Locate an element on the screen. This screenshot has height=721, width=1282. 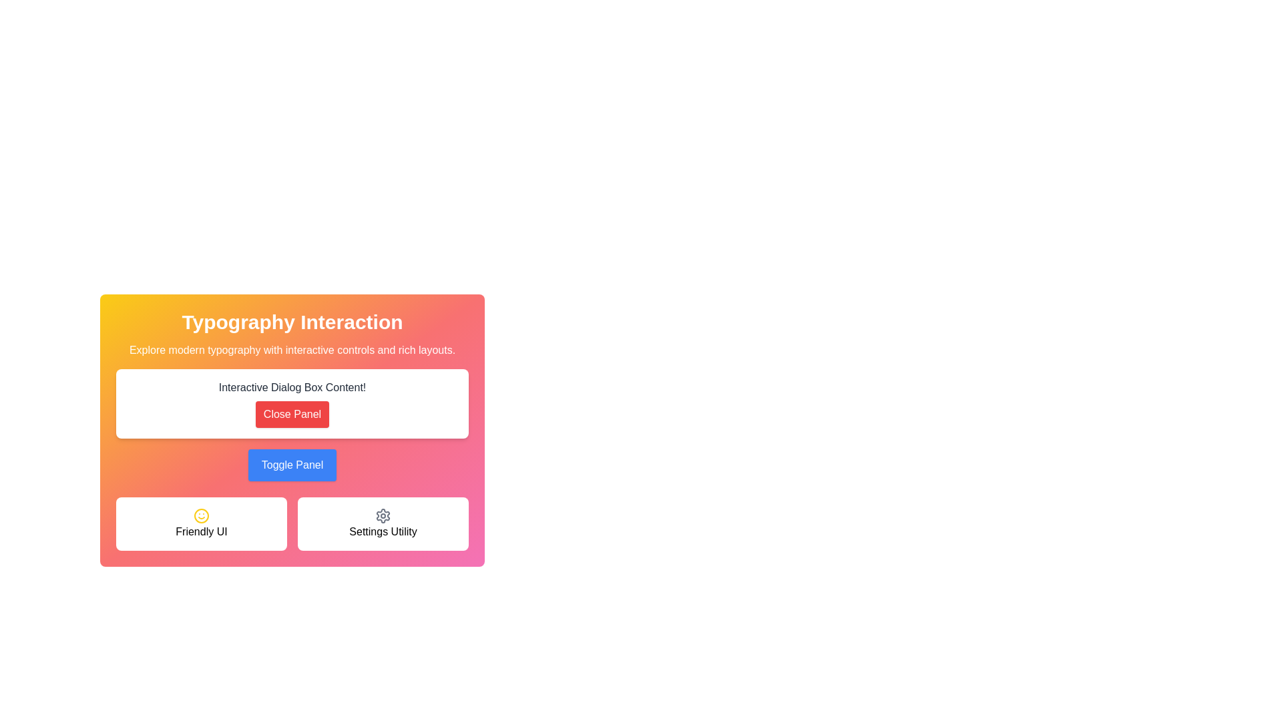
the card labeled 'Friendly UI' which has a white background, rounded corners, and a smiley icon at the top is located at coordinates (201, 523).